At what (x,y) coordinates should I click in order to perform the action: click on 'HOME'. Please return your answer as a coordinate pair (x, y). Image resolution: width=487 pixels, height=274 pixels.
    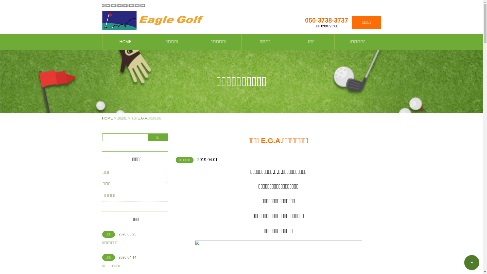
    Looking at the image, I should click on (125, 42).